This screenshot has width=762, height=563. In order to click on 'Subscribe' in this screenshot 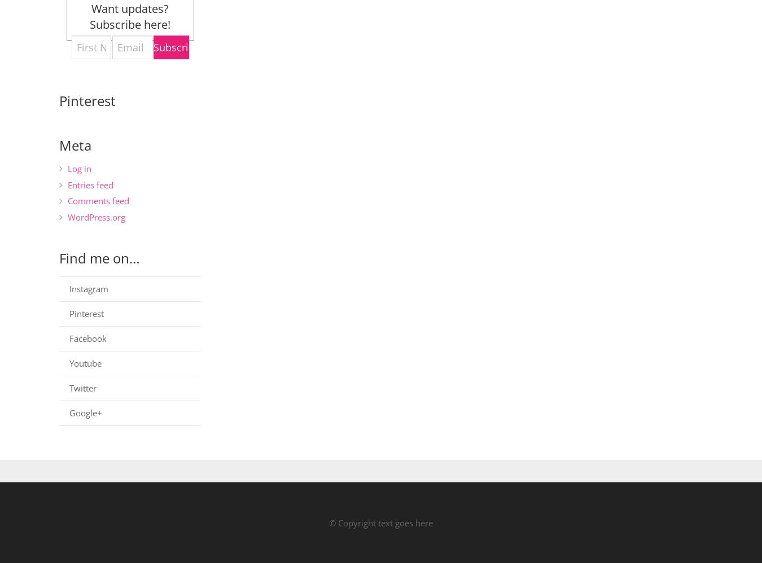, I will do `click(176, 46)`.